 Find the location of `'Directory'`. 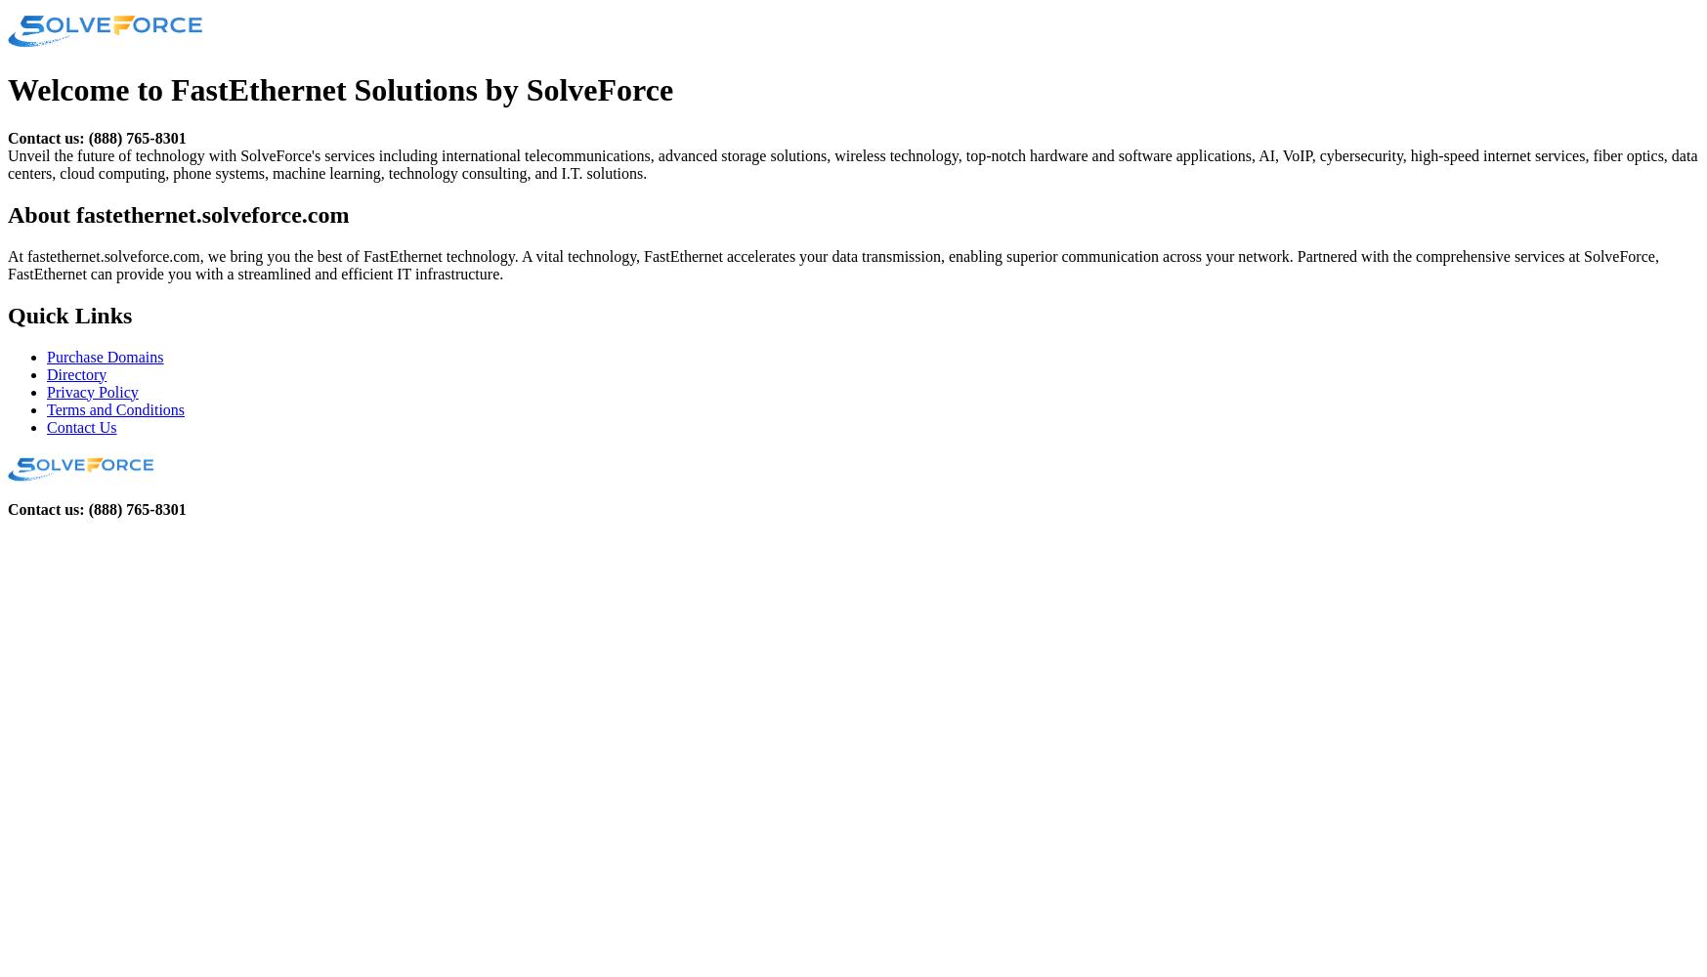

'Directory' is located at coordinates (75, 373).